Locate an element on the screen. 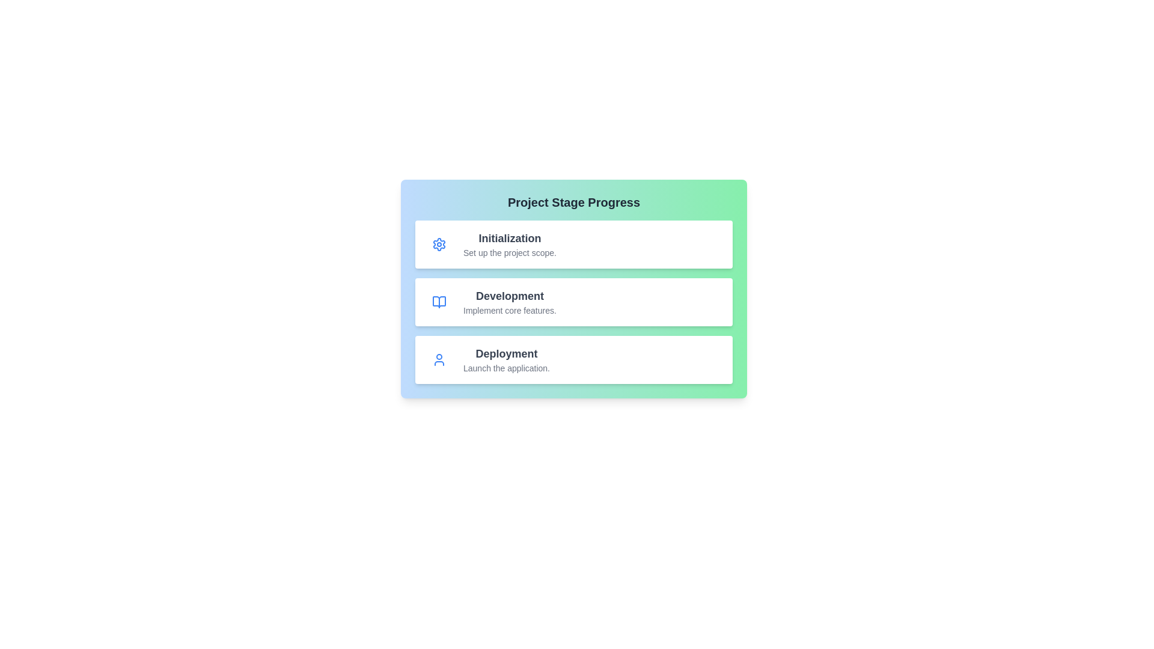 This screenshot has width=1154, height=649. text block labeled 'Deployment', which is the third entry in a vertically stacked list of descriptive labels for different stages is located at coordinates (507, 359).